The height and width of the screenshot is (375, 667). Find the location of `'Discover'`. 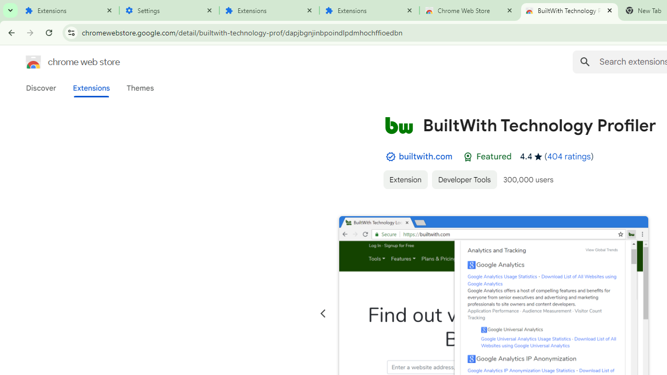

'Discover' is located at coordinates (41, 87).